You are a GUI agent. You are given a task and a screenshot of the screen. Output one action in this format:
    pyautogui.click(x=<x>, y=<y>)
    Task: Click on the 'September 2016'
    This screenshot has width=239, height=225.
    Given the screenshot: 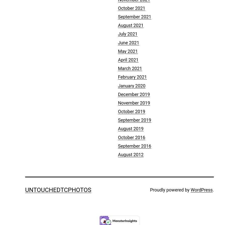 What is the action you would take?
    pyautogui.click(x=135, y=145)
    